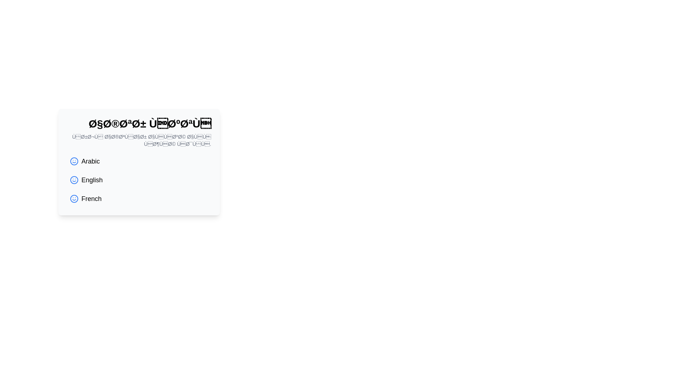 The height and width of the screenshot is (389, 692). I want to click on descriptive text element that provides guidance about language preference selection, located directly beneath the header, so click(139, 140).